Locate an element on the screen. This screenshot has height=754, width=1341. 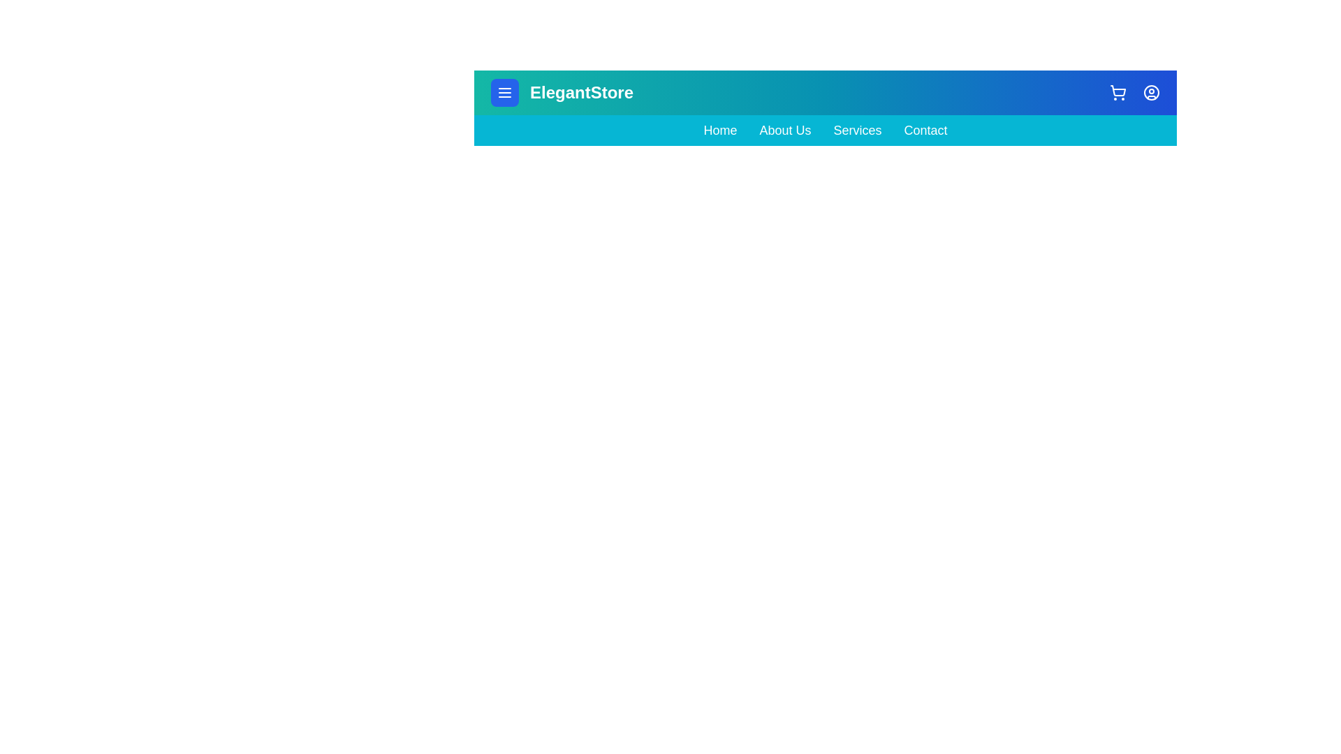
the navigation link Home is located at coordinates (720, 130).